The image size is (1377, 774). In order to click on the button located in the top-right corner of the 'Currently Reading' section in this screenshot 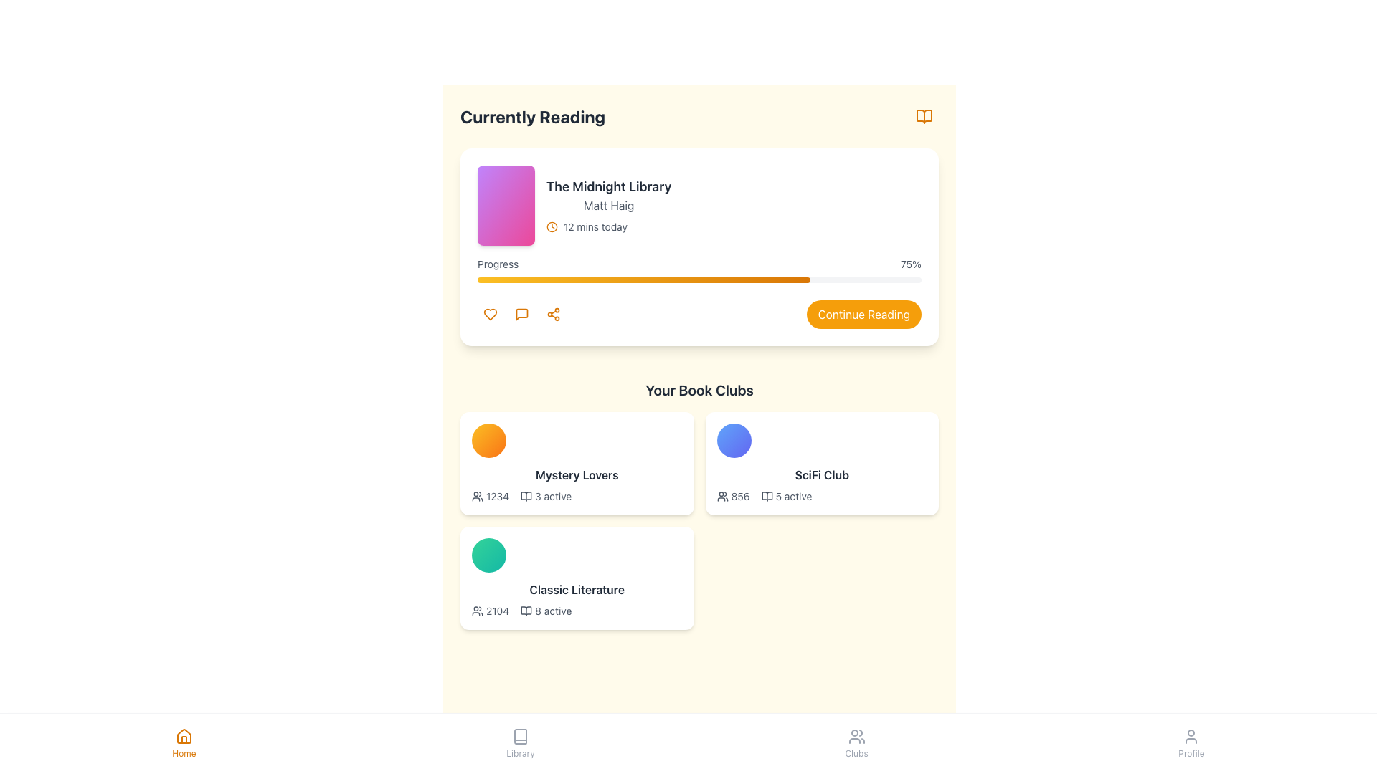, I will do `click(924, 115)`.